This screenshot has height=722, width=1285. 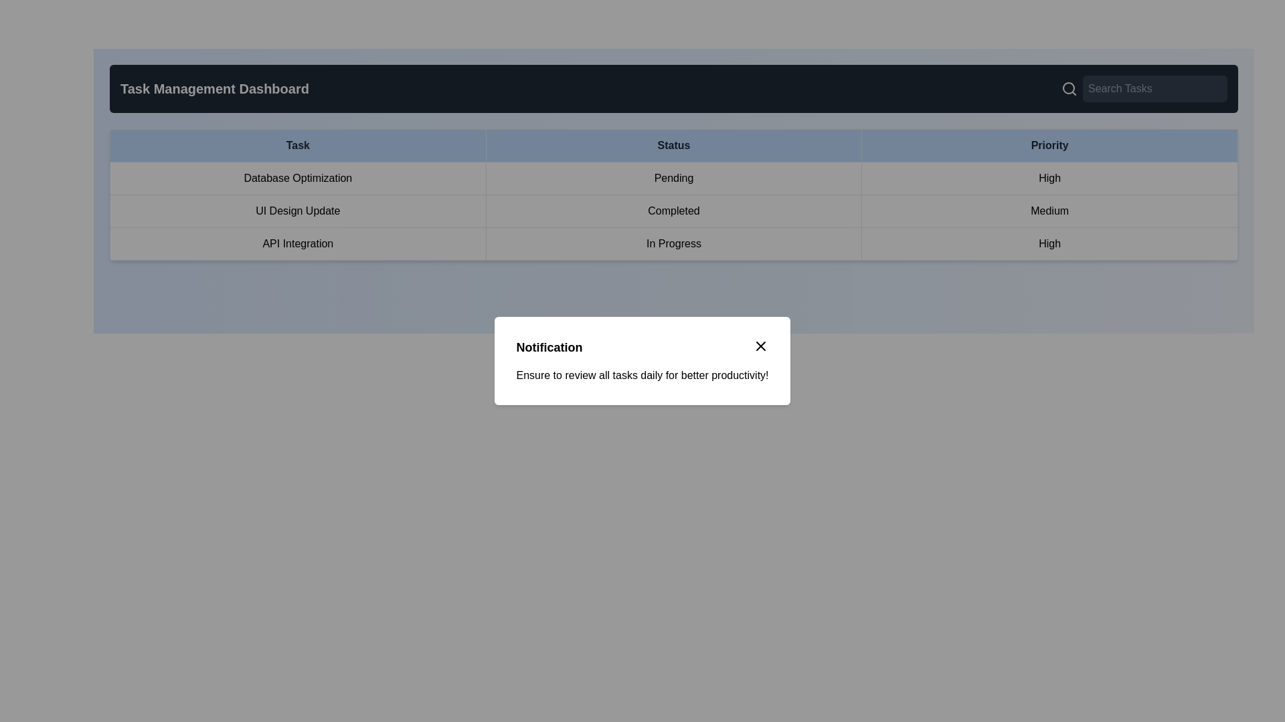 What do you see at coordinates (760, 345) in the screenshot?
I see `the small 'X' icon in the top-right corner of the notification box` at bounding box center [760, 345].